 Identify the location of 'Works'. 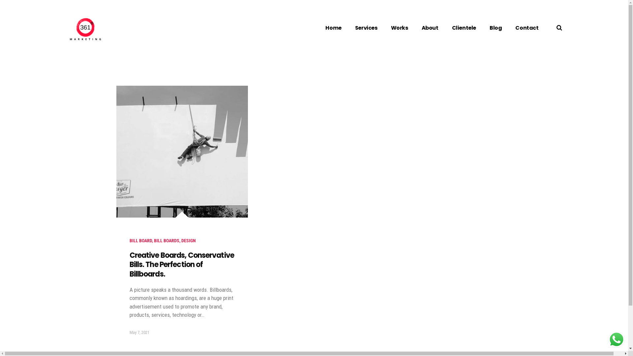
(399, 27).